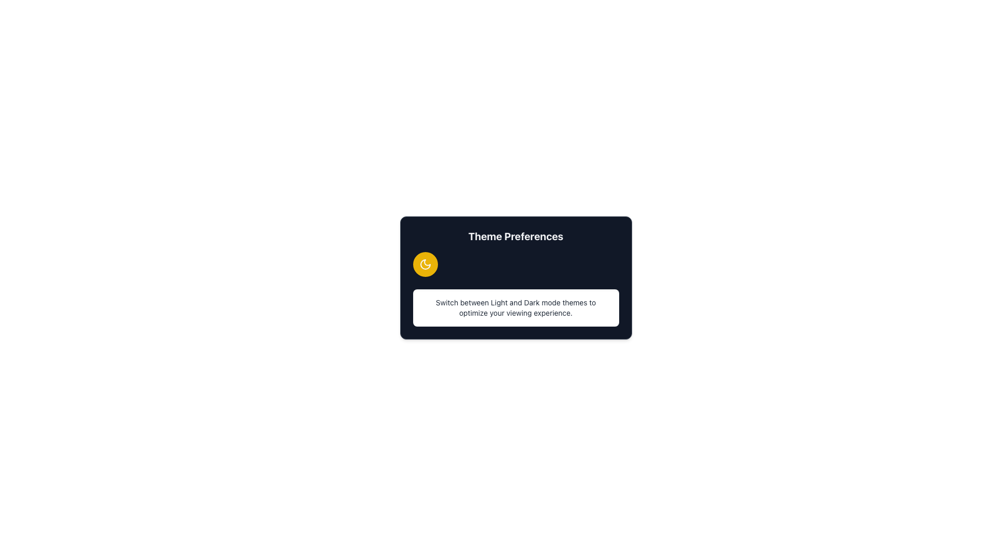 This screenshot has width=994, height=559. I want to click on descriptive informational text provided by the Static Text element located at the center of the lower part of the rounded rectangular card, so click(516, 307).